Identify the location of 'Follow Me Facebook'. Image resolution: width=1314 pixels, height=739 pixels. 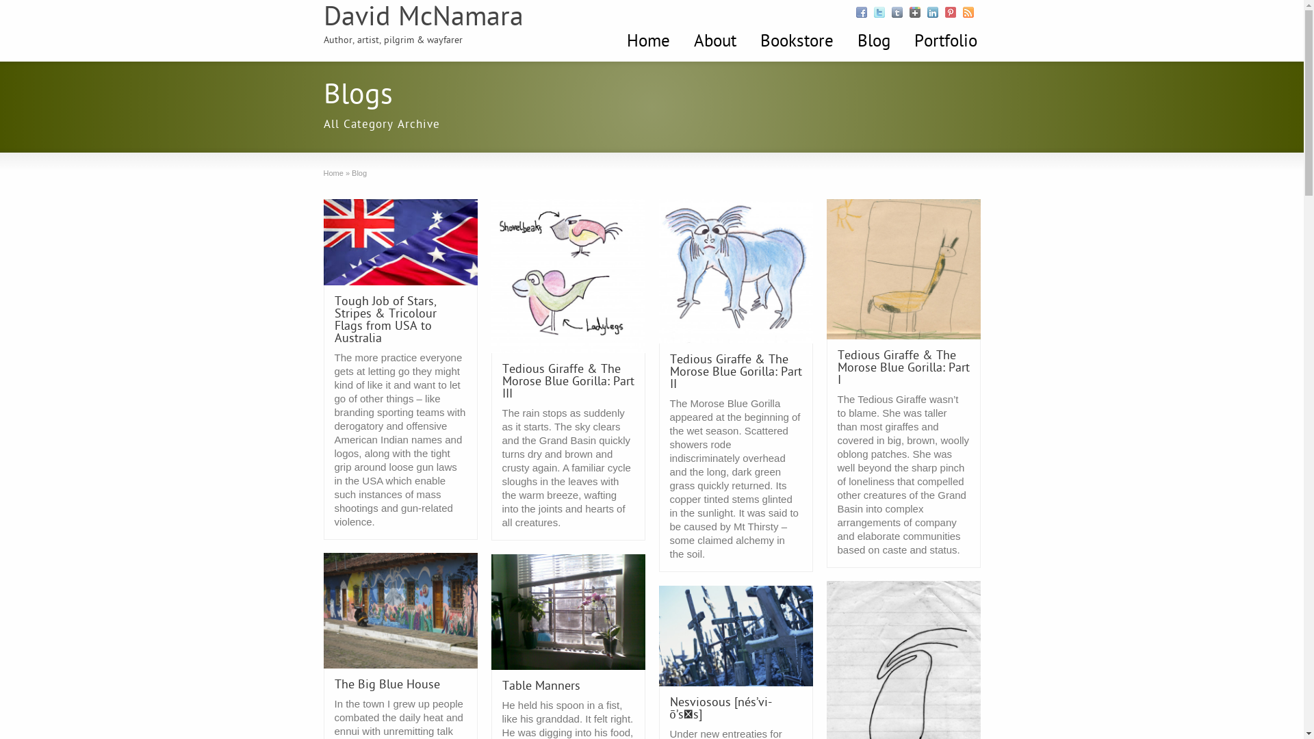
(860, 12).